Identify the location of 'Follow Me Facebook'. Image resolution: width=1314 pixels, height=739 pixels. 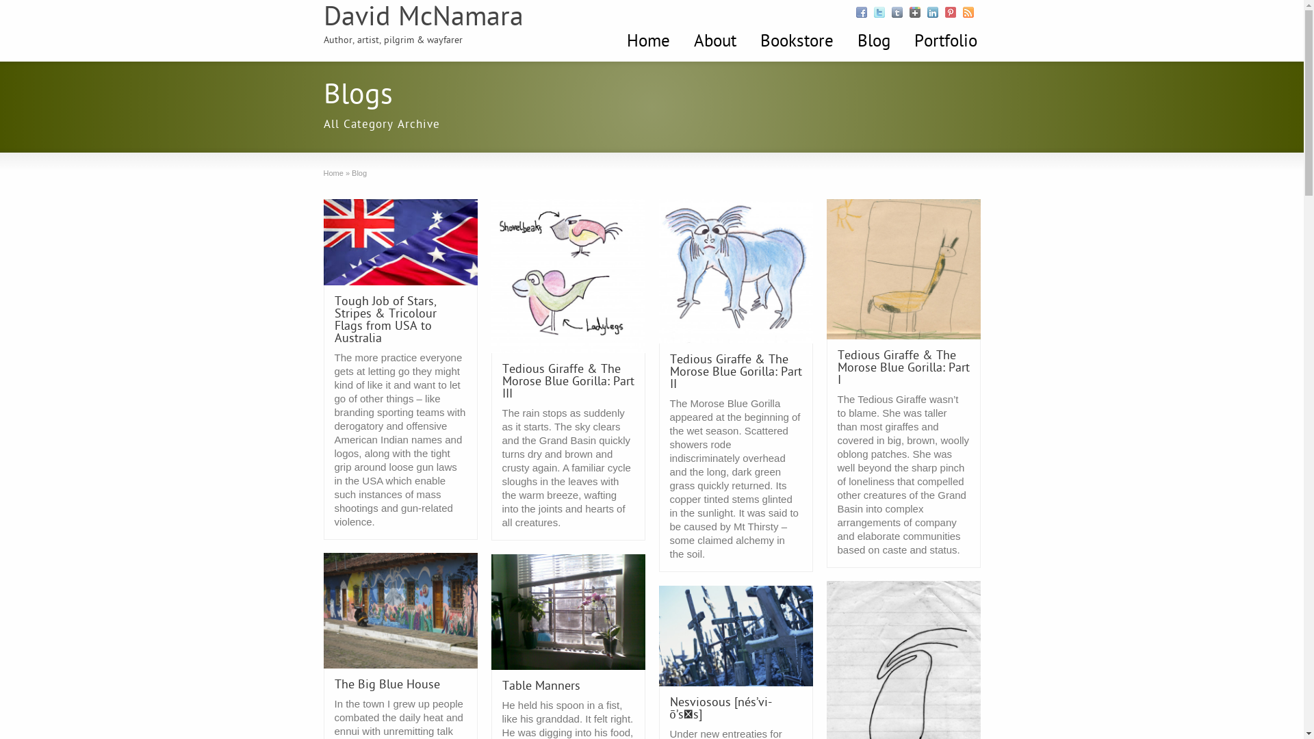
(860, 12).